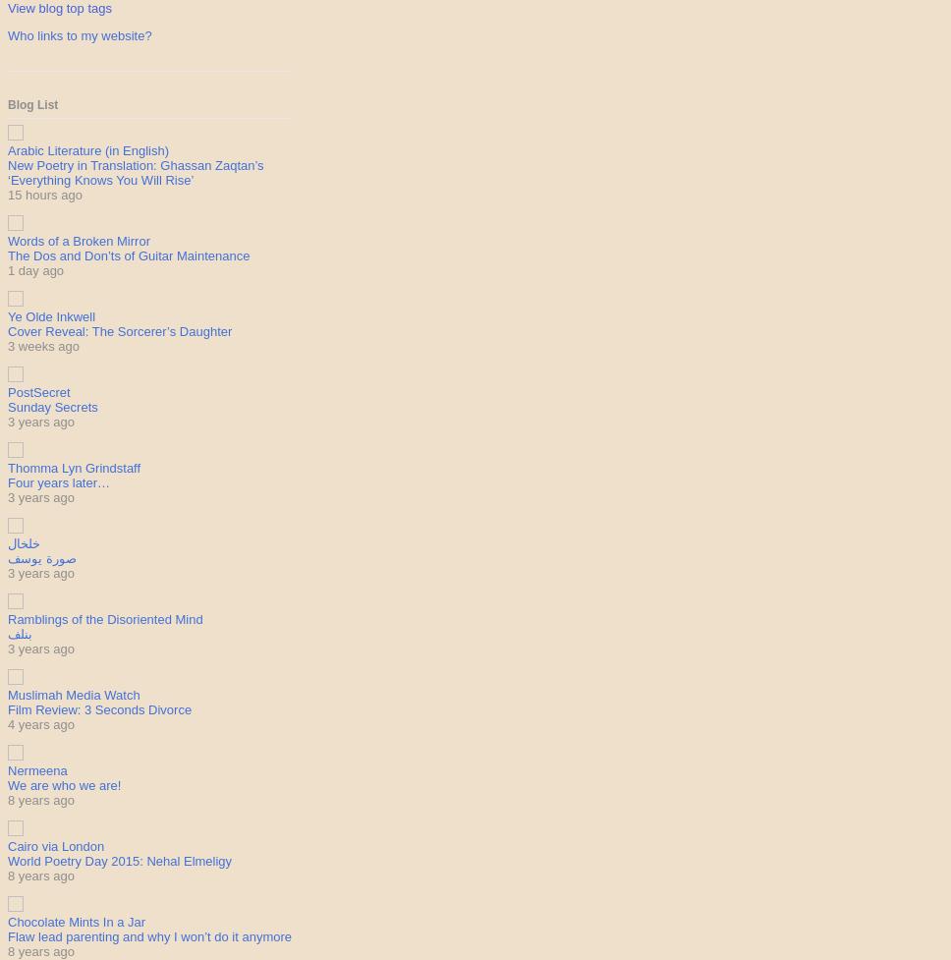 The height and width of the screenshot is (960, 951). What do you see at coordinates (88, 150) in the screenshot?
I see `'Arabic Literature (in English)'` at bounding box center [88, 150].